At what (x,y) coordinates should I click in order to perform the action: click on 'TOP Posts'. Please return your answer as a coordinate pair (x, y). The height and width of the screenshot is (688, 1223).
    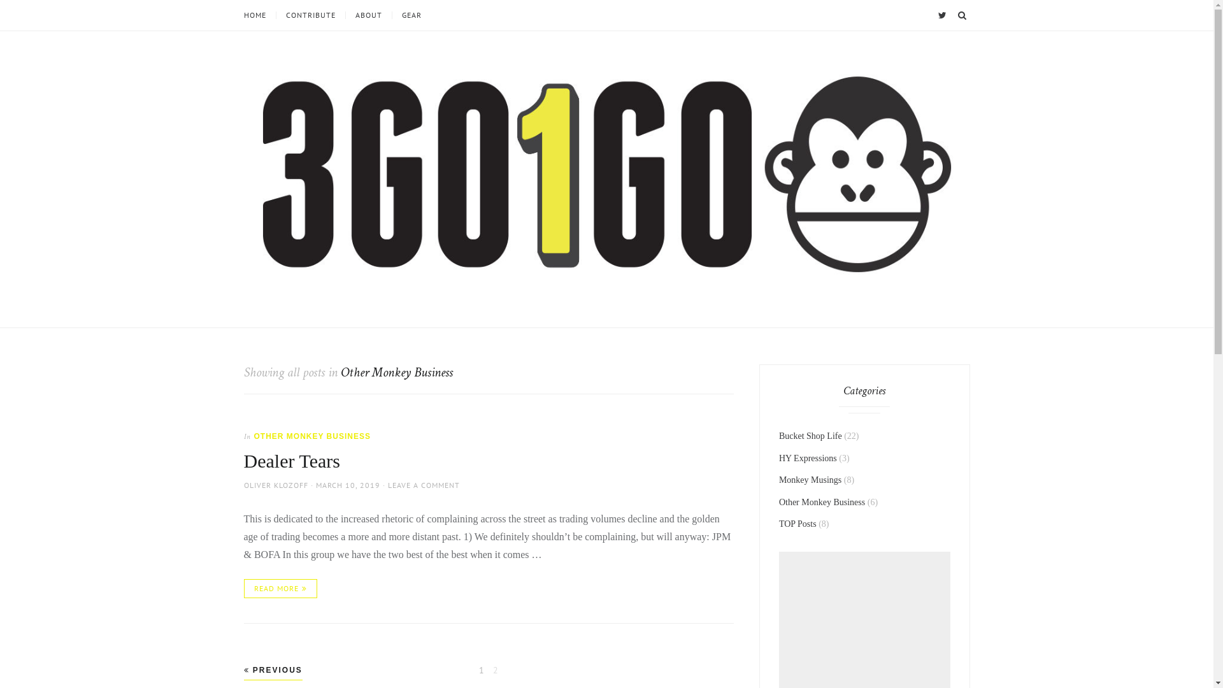
    Looking at the image, I should click on (797, 524).